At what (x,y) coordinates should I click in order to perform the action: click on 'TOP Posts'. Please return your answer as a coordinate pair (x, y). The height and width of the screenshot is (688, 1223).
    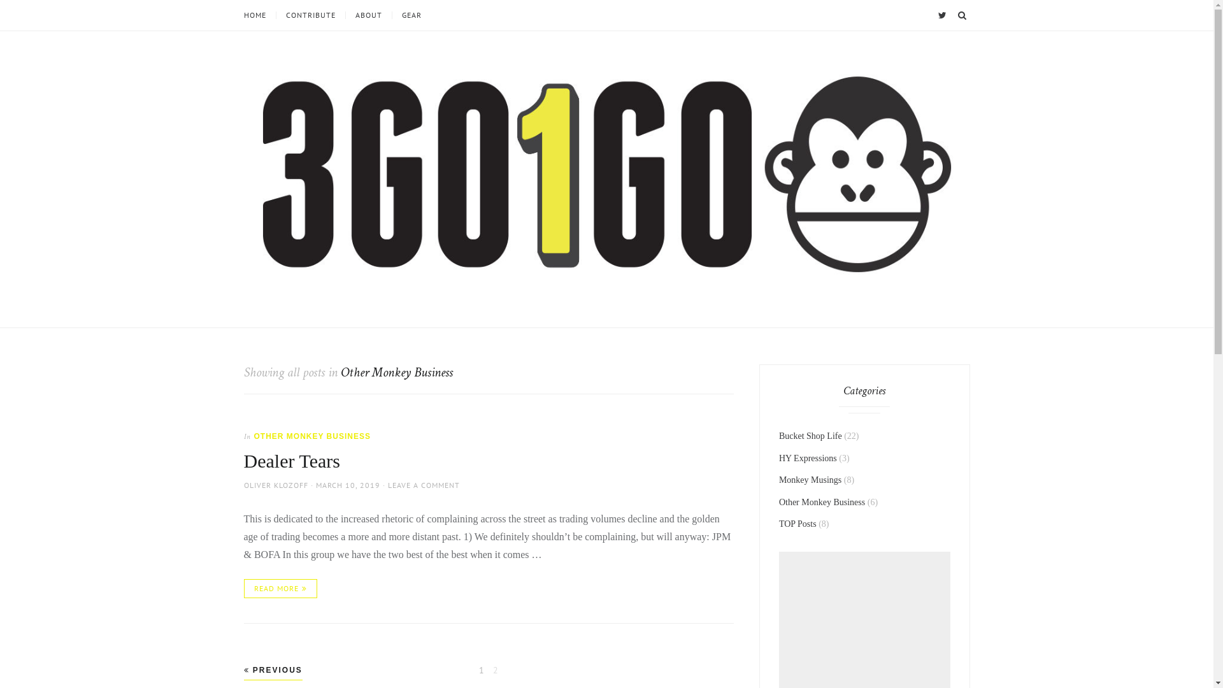
    Looking at the image, I should click on (797, 524).